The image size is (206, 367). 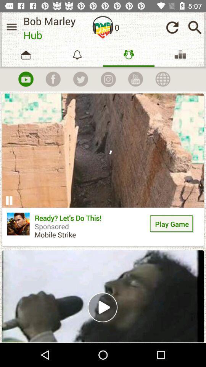 What do you see at coordinates (80, 79) in the screenshot?
I see `the twitter icon` at bounding box center [80, 79].